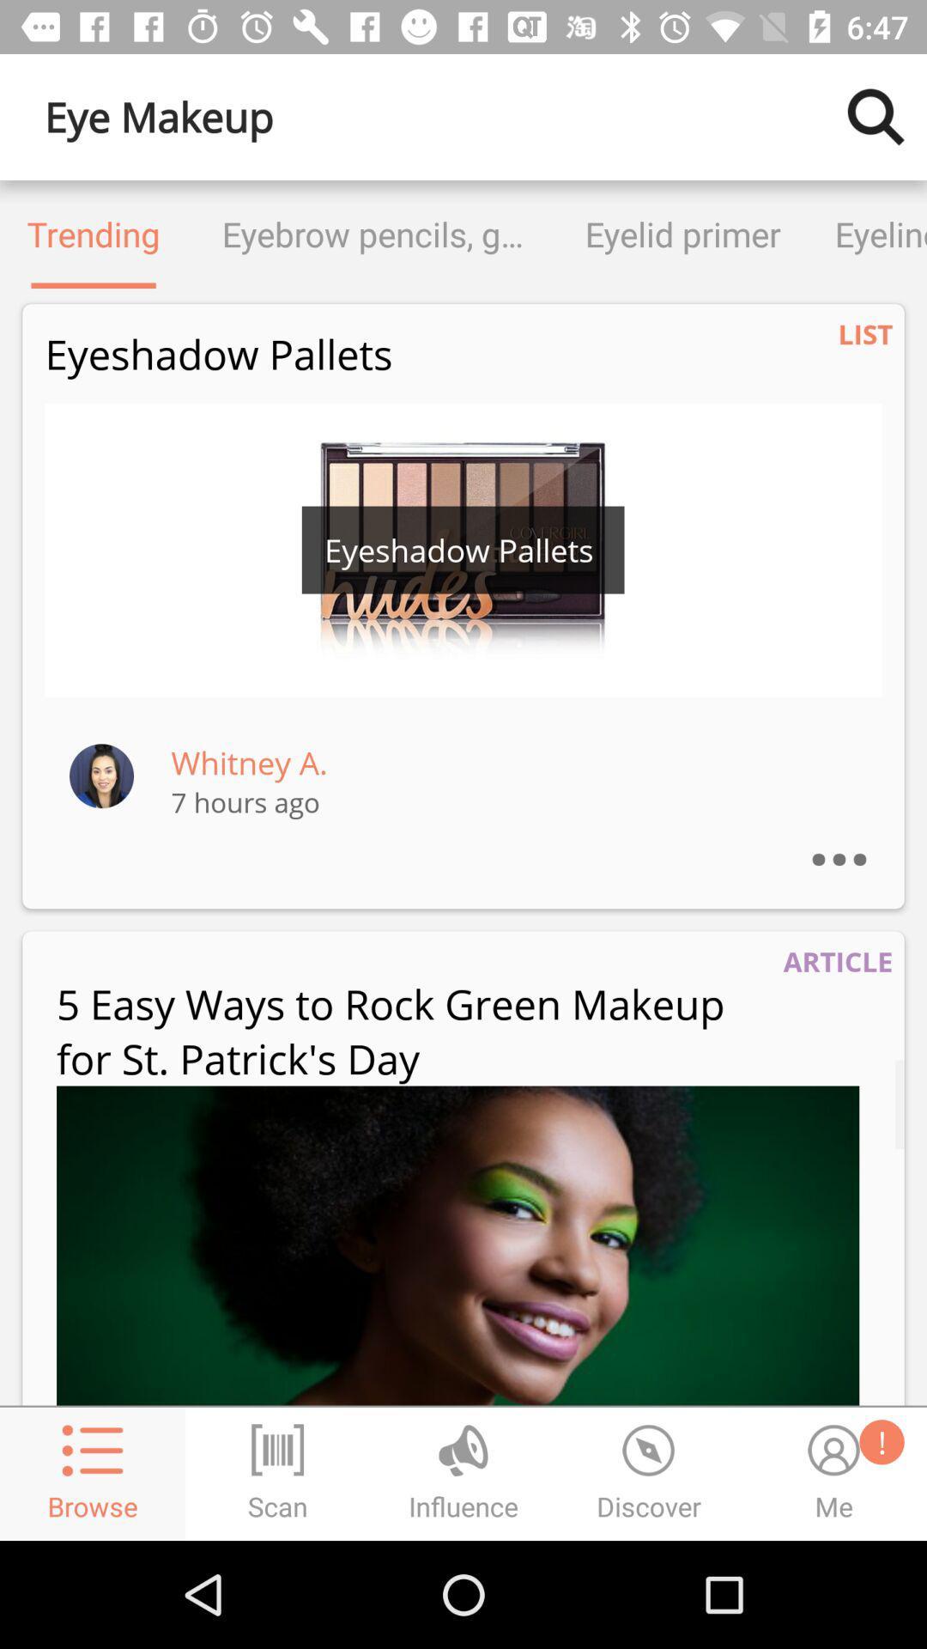 Image resolution: width=927 pixels, height=1649 pixels. I want to click on the emoji icon, so click(833, 1473).